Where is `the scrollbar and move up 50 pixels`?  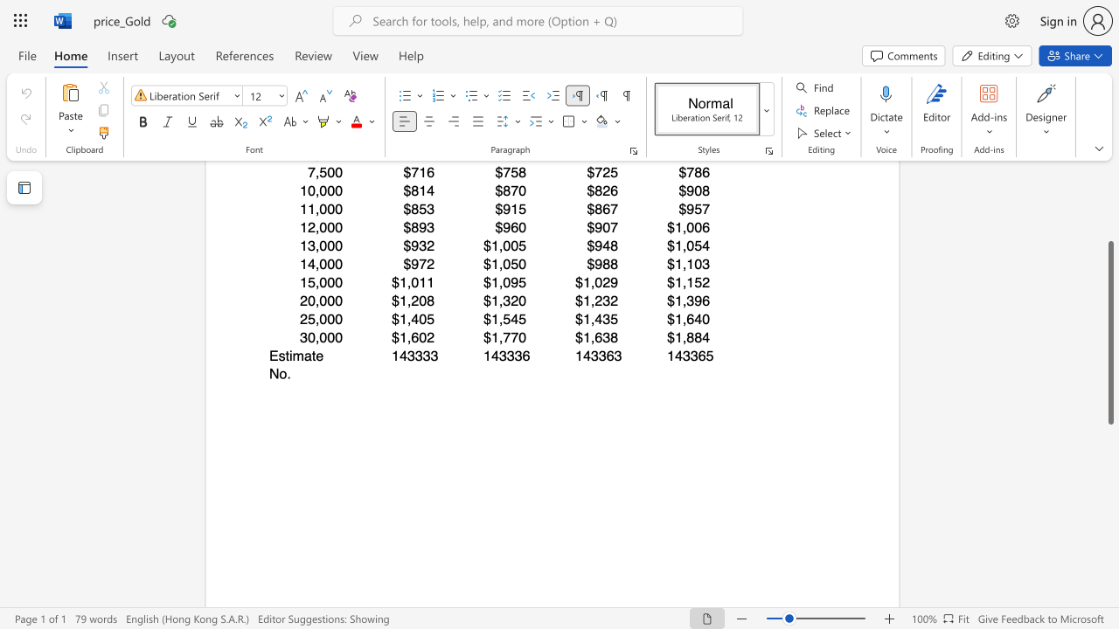
the scrollbar and move up 50 pixels is located at coordinates (1109, 333).